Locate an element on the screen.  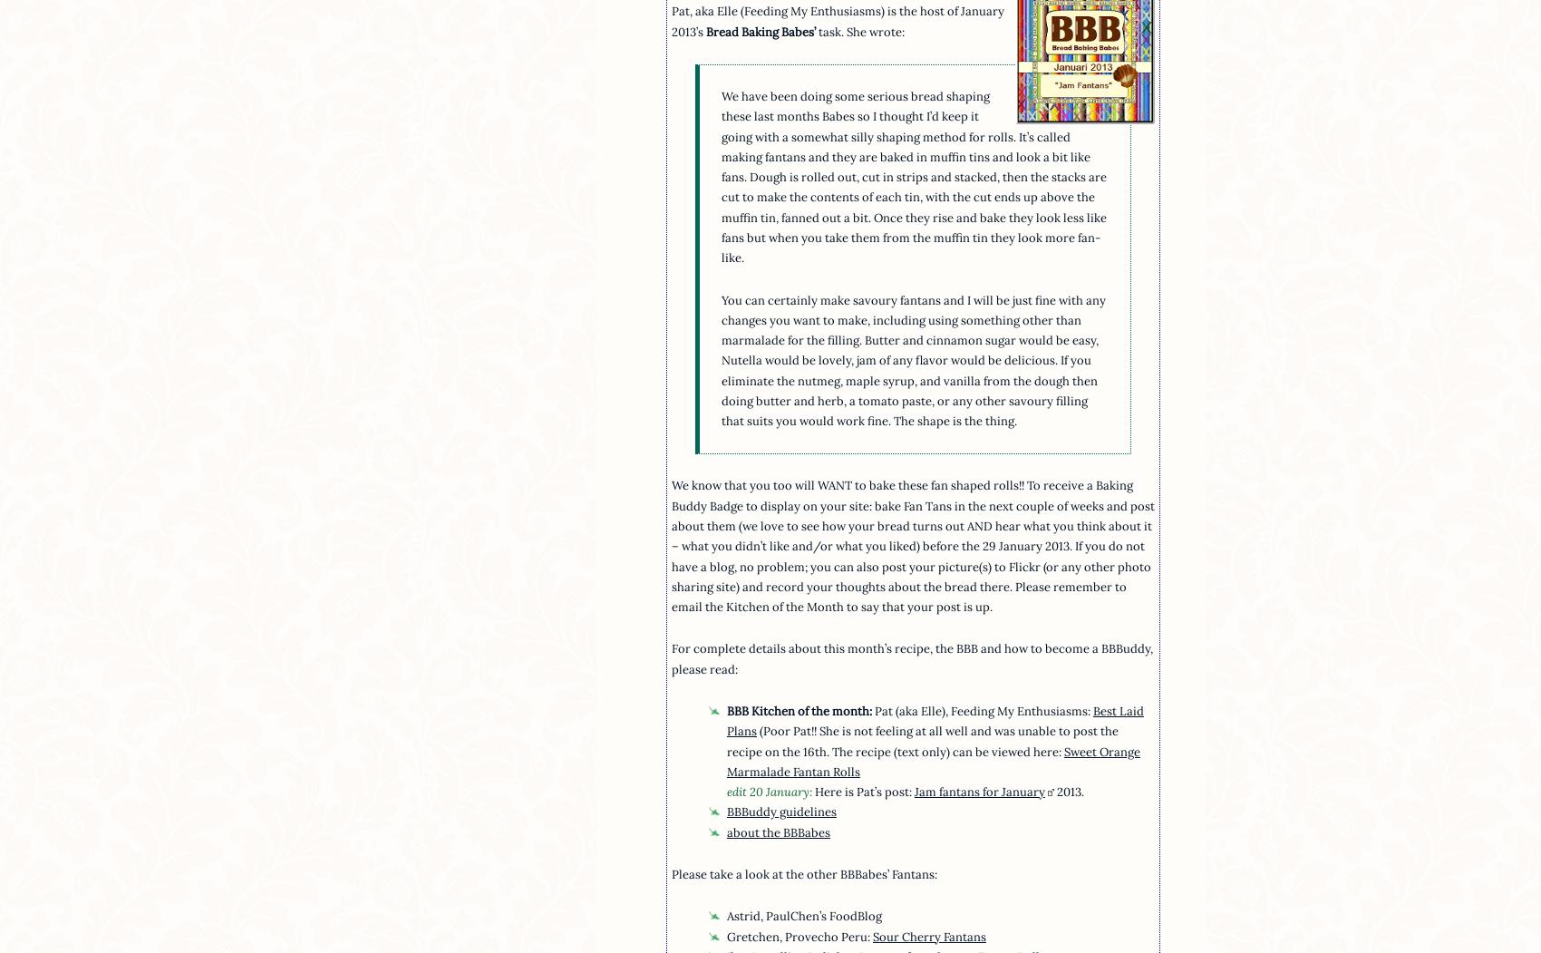
'For complete details about this month’s recipe, the BBB and how to become a BBBuddy, please read:' is located at coordinates (910, 657).